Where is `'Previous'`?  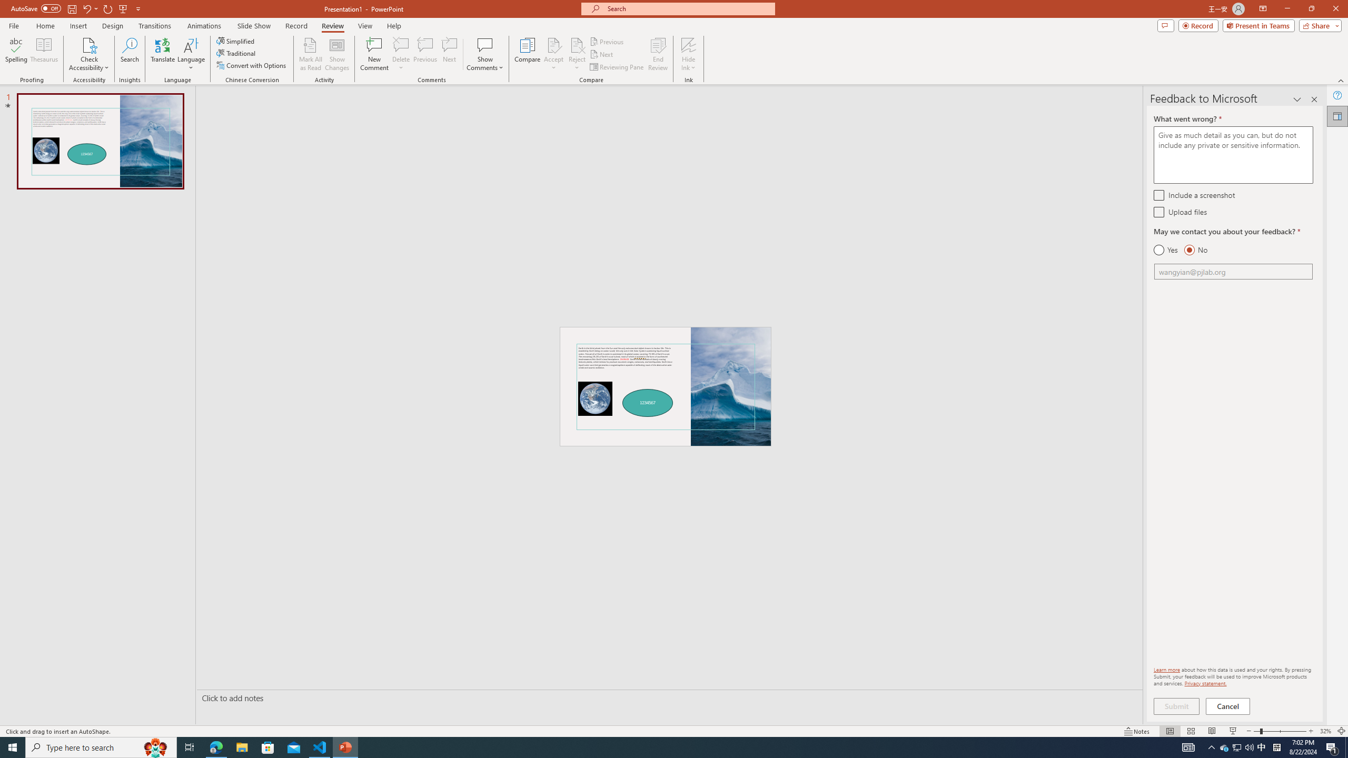
'Previous' is located at coordinates (607, 41).